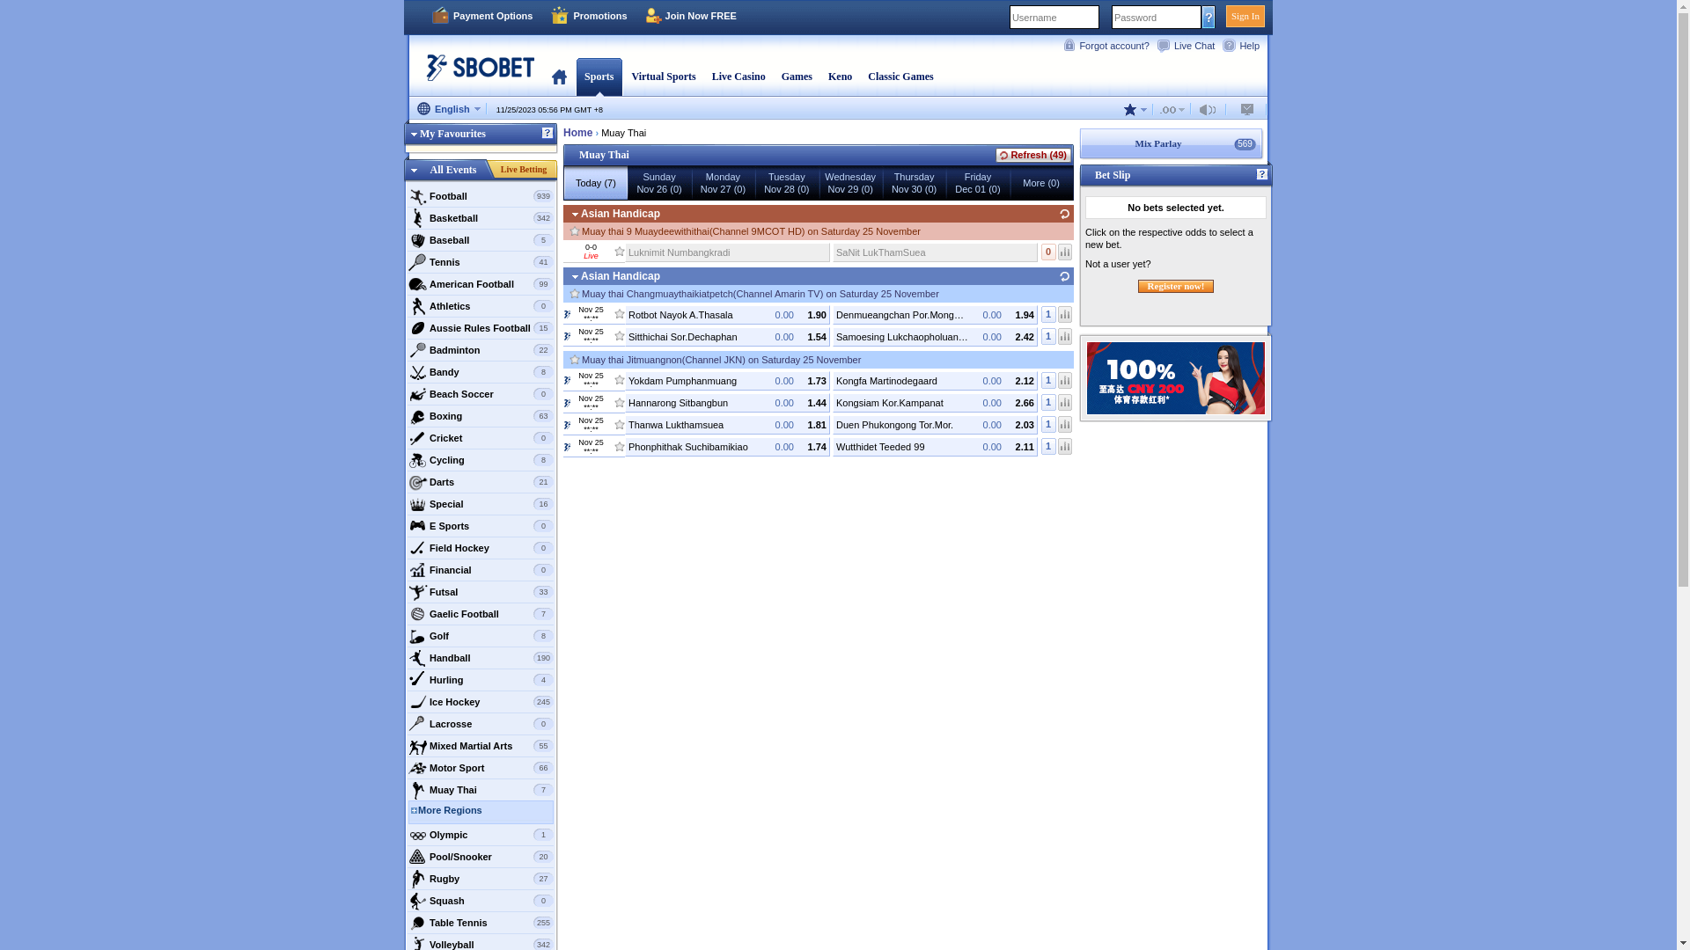 The image size is (1690, 950). What do you see at coordinates (934, 313) in the screenshot?
I see `'1.94` at bounding box center [934, 313].